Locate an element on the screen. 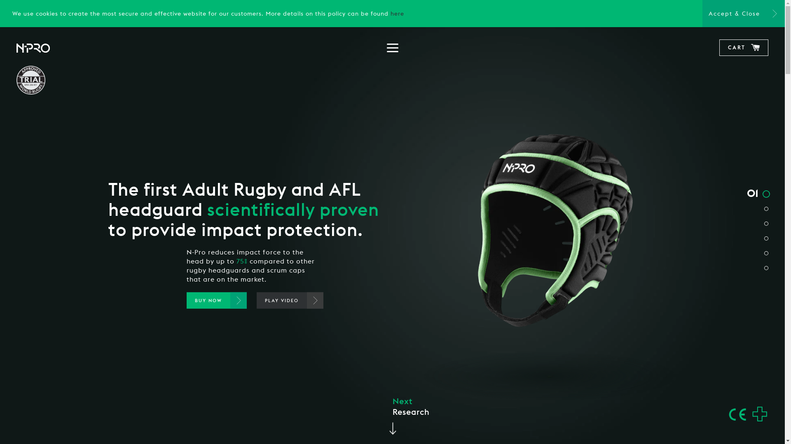  '01' is located at coordinates (761, 194).